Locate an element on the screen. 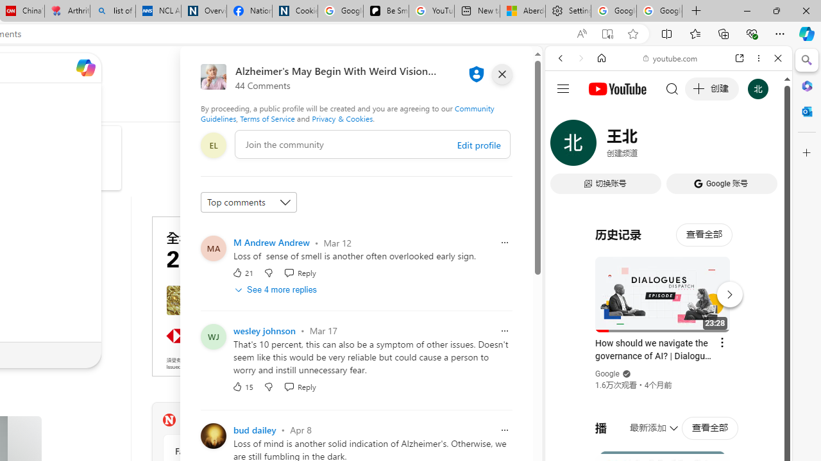 Image resolution: width=821 pixels, height=461 pixels. 'Newsweek' is located at coordinates (168, 419).